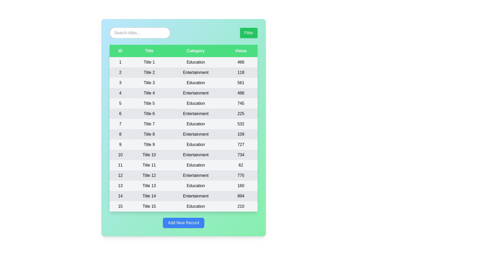  Describe the element at coordinates (183, 223) in the screenshot. I see `'Add New Record' button` at that location.